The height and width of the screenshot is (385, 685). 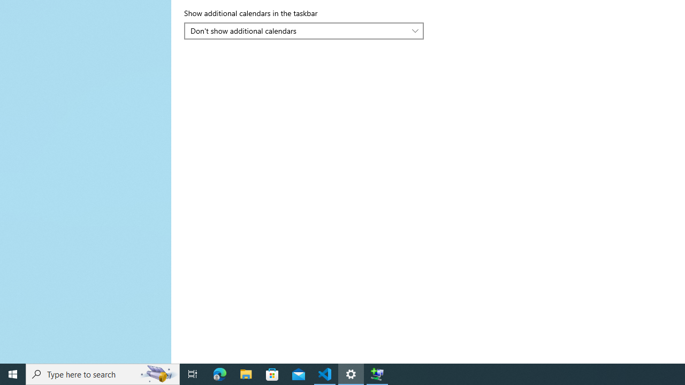 I want to click on 'Extensible Wizards Host Process - 1 running window', so click(x=377, y=373).